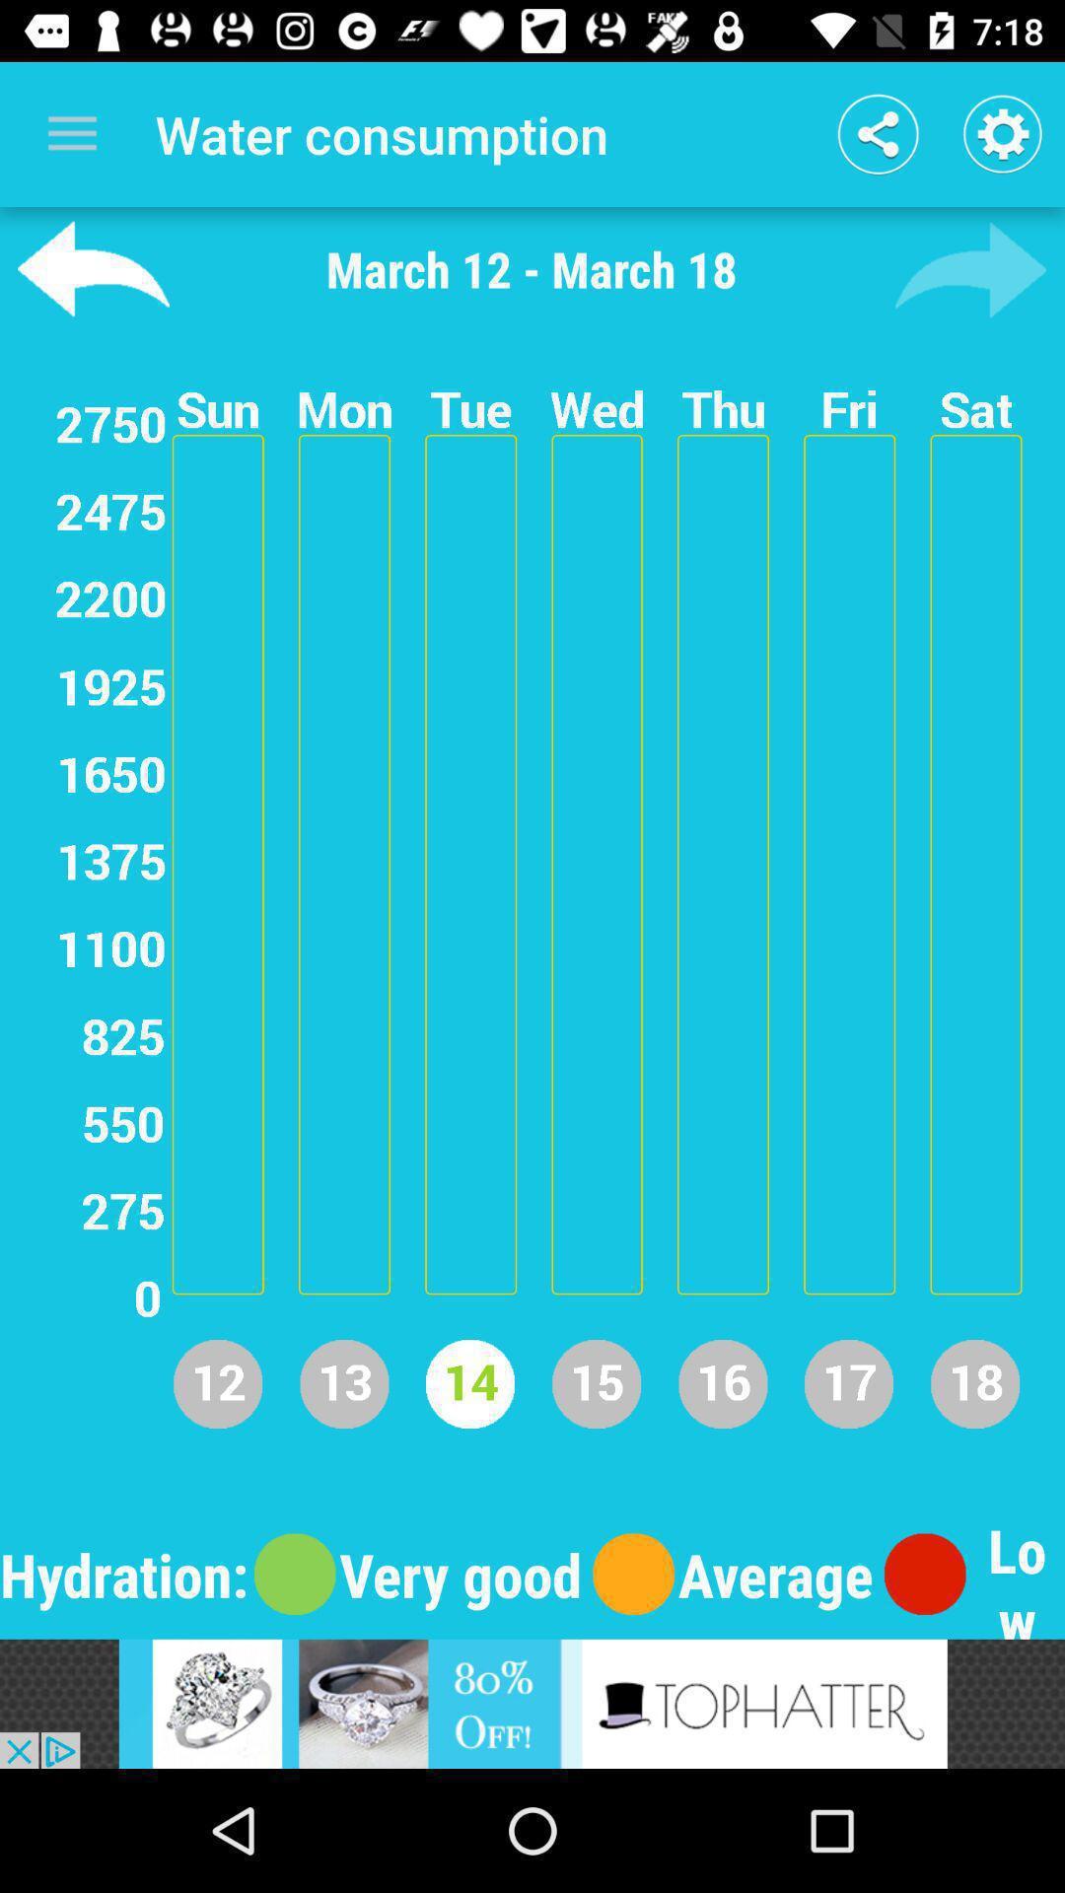  I want to click on go back, so click(93, 268).